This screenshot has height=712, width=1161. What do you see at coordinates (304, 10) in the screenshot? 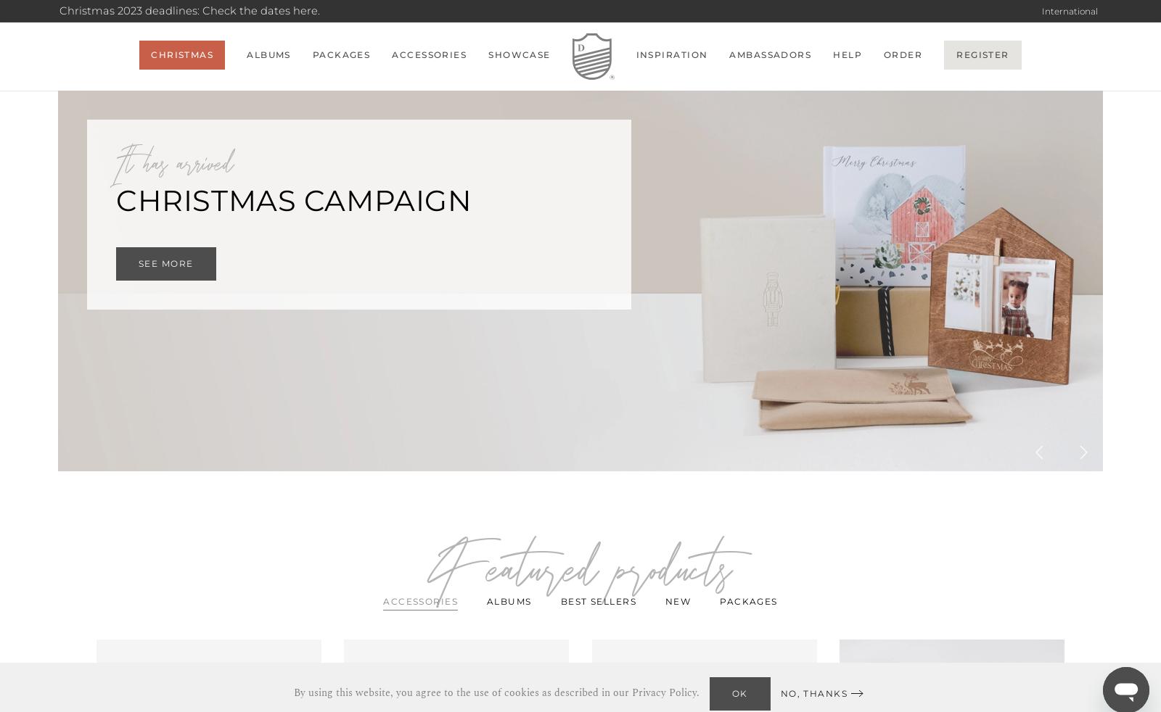
I see `'here'` at bounding box center [304, 10].